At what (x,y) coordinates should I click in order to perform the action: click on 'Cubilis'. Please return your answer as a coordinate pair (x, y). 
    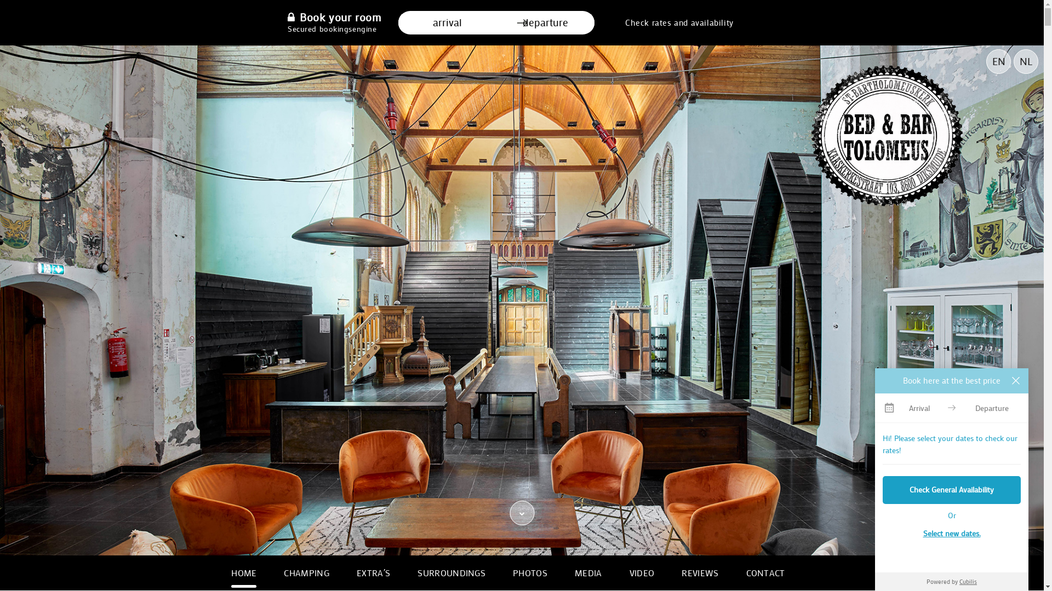
    Looking at the image, I should click on (968, 581).